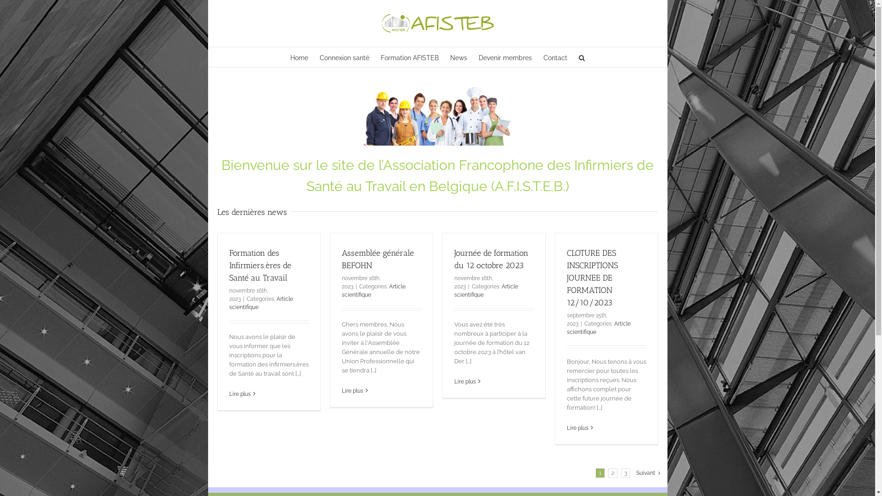  Describe the element at coordinates (409, 57) in the screenshot. I see `'Formation AFISTEB'` at that location.